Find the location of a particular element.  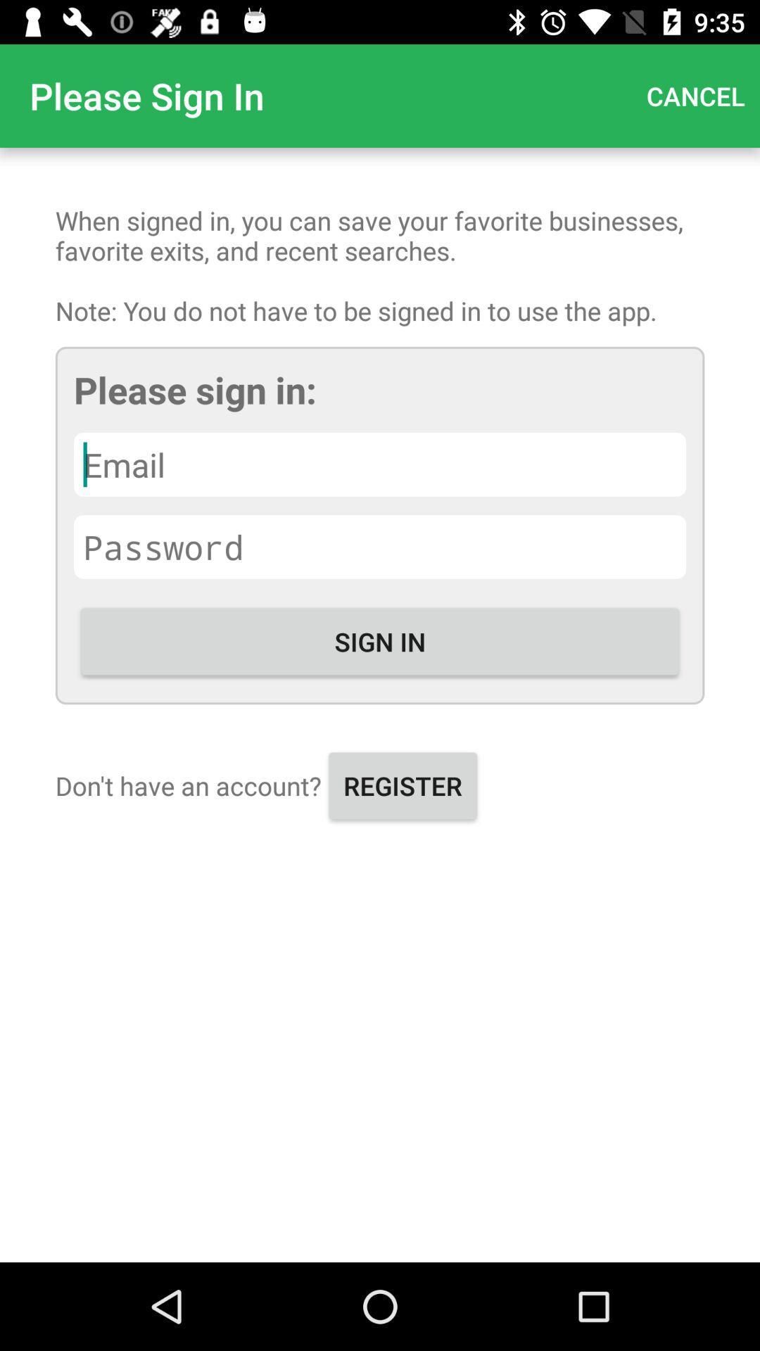

the register is located at coordinates (403, 785).